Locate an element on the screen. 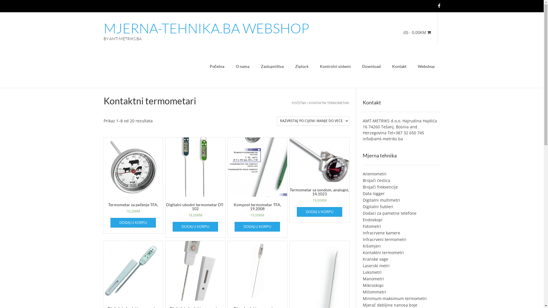  'O nama' is located at coordinates (242, 67).